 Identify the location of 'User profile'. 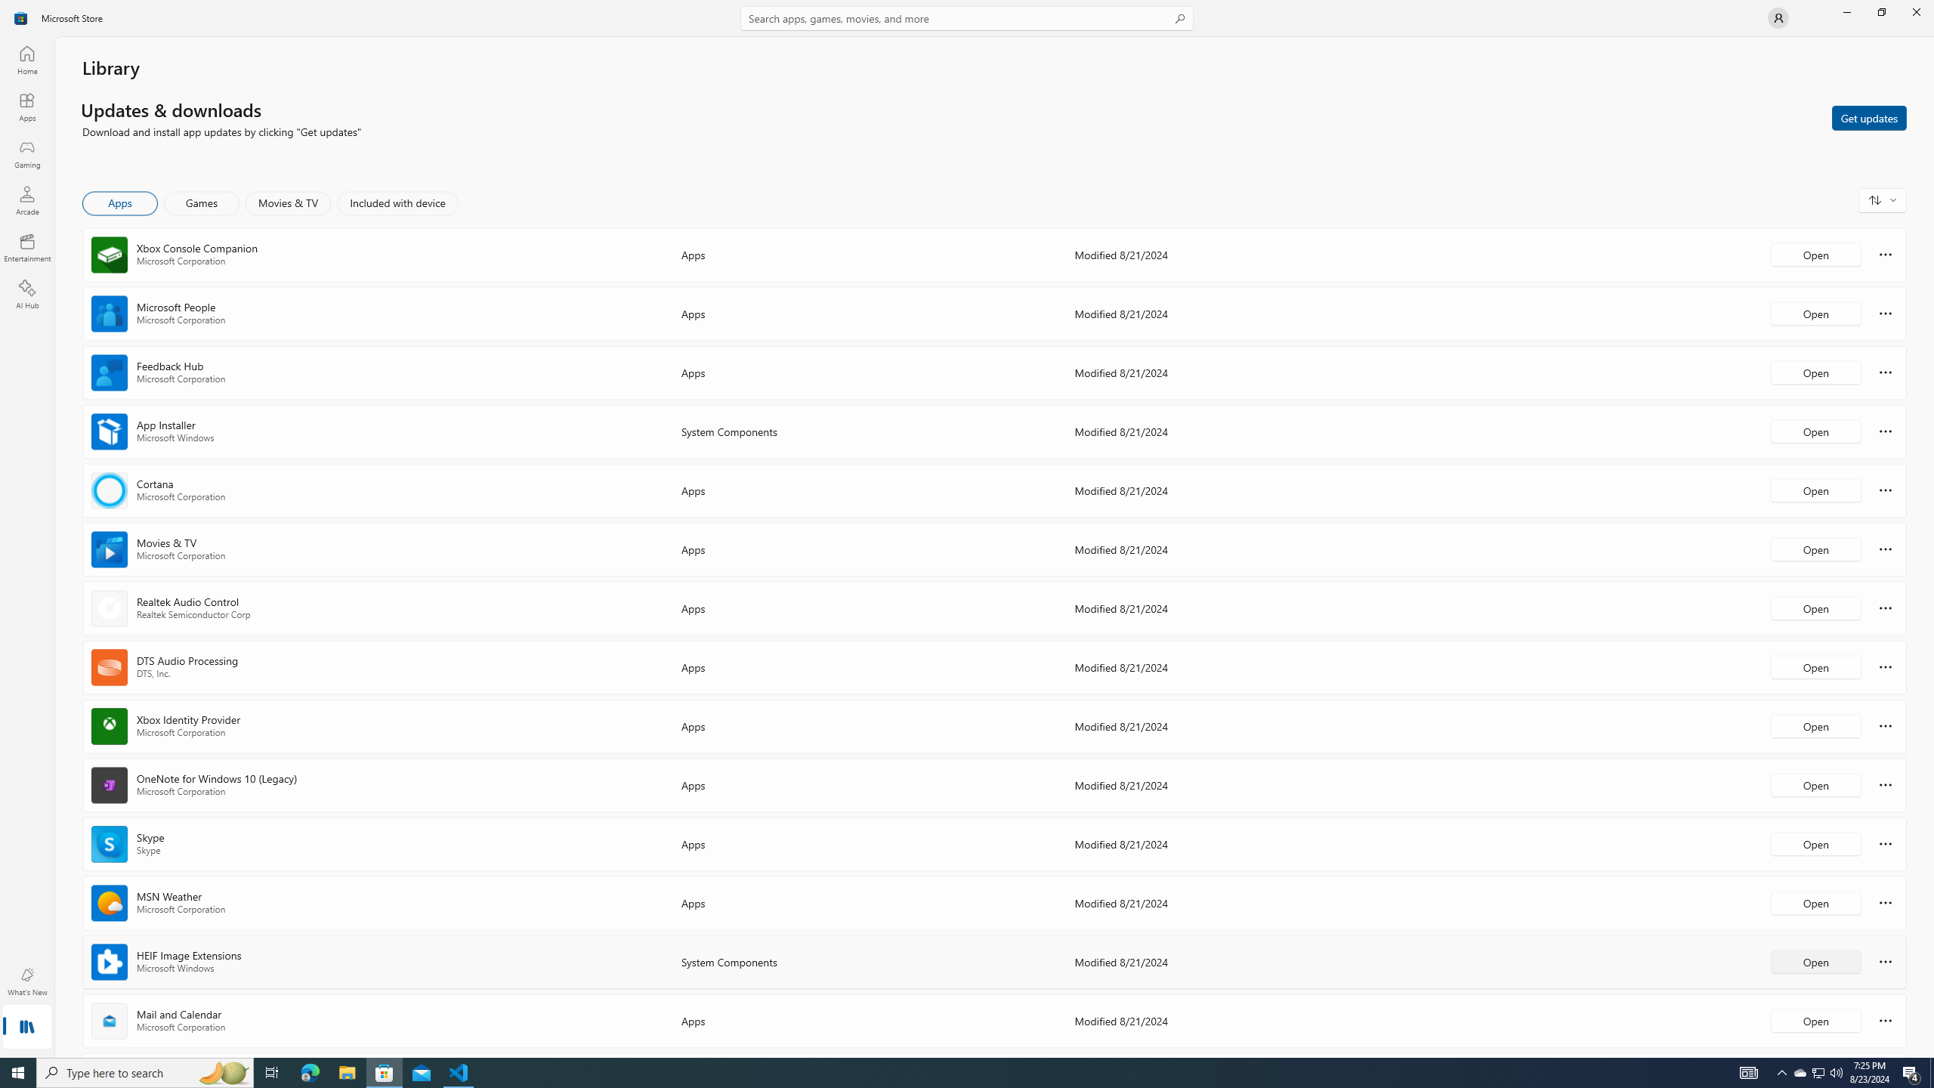
(1777, 17).